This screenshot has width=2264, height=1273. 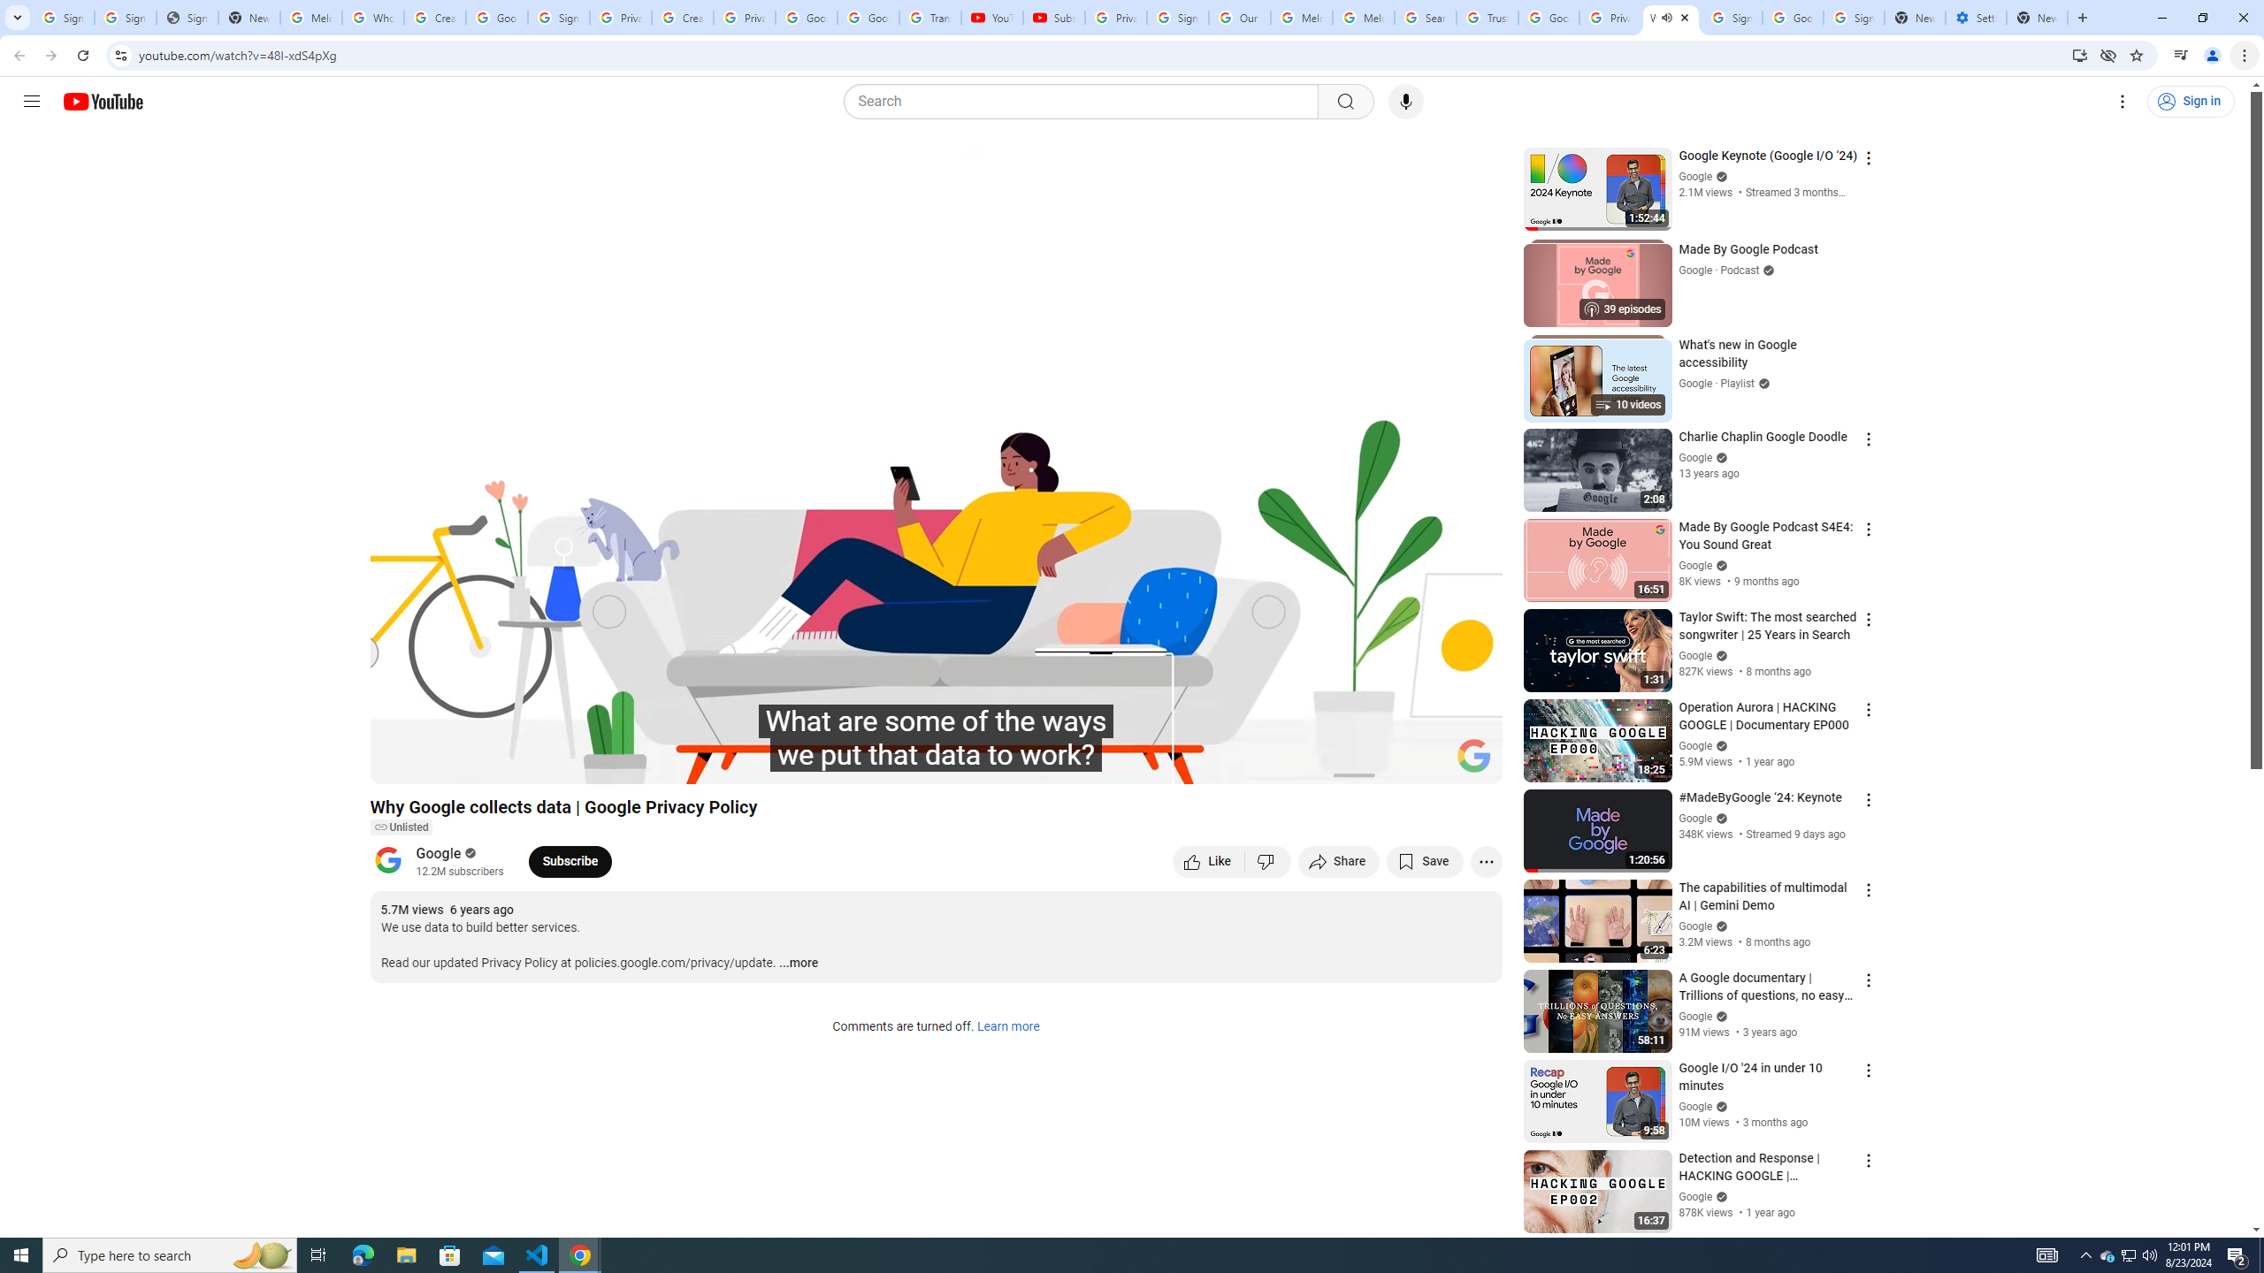 I want to click on 'Install YouTube', so click(x=2079, y=54).